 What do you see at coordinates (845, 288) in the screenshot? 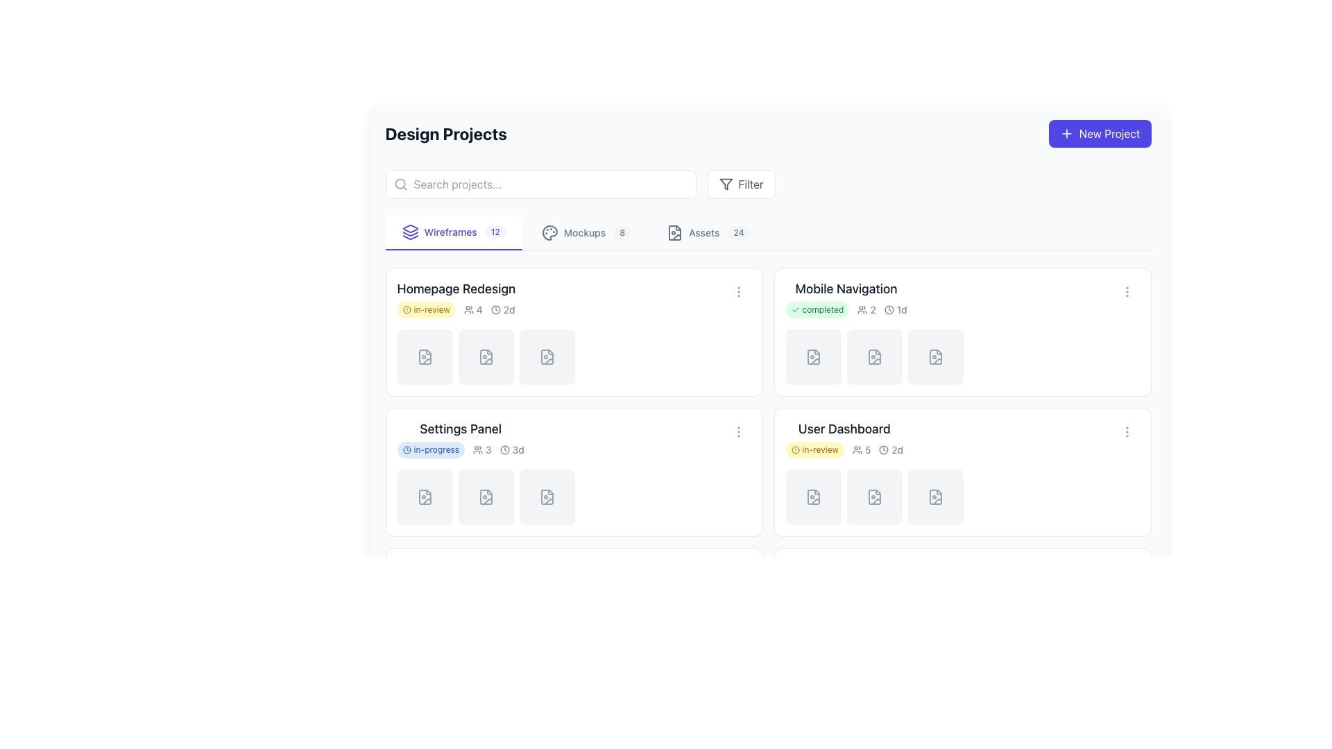
I see `the 'Mobile Navigation' text element, which is bold and dark, located in the second column and first row of the project card, above the 'completed' green badge` at bounding box center [845, 288].